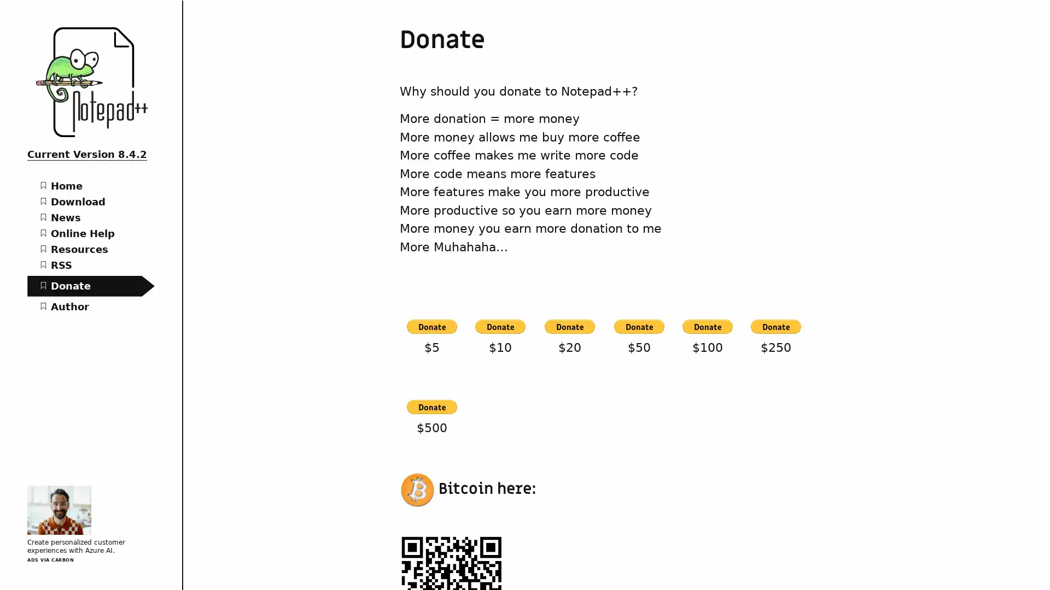 This screenshot has width=1050, height=590. What do you see at coordinates (639, 326) in the screenshot?
I see `PayPal - The safer, easier way to pay online!` at bounding box center [639, 326].